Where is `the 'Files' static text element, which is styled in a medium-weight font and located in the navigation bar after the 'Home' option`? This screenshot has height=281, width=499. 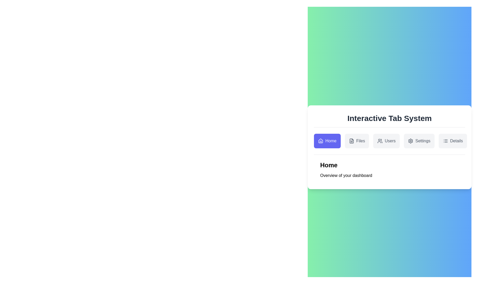 the 'Files' static text element, which is styled in a medium-weight font and located in the navigation bar after the 'Home' option is located at coordinates (360, 141).